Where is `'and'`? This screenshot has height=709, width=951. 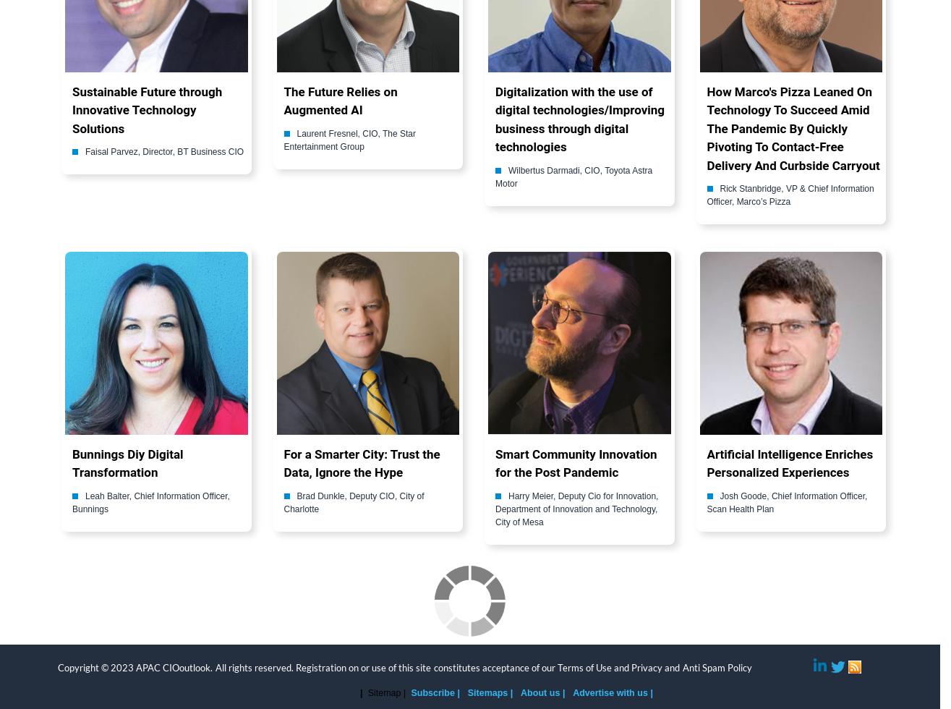 'and' is located at coordinates (621, 667).